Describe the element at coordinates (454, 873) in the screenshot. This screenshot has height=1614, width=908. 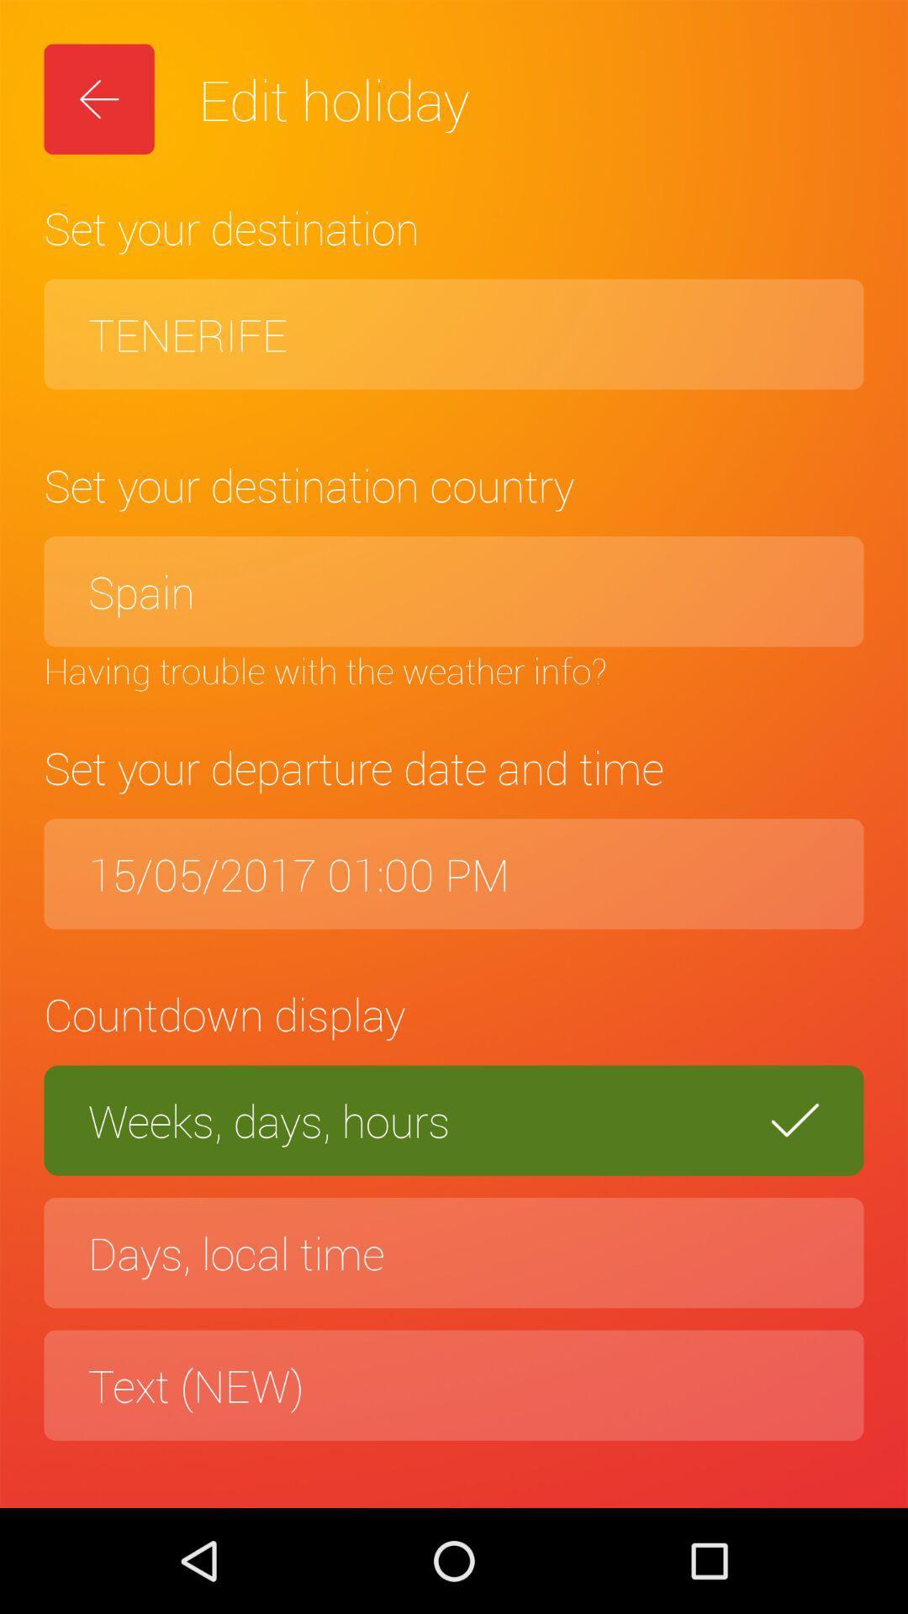
I see `the icon below the set your departure` at that location.